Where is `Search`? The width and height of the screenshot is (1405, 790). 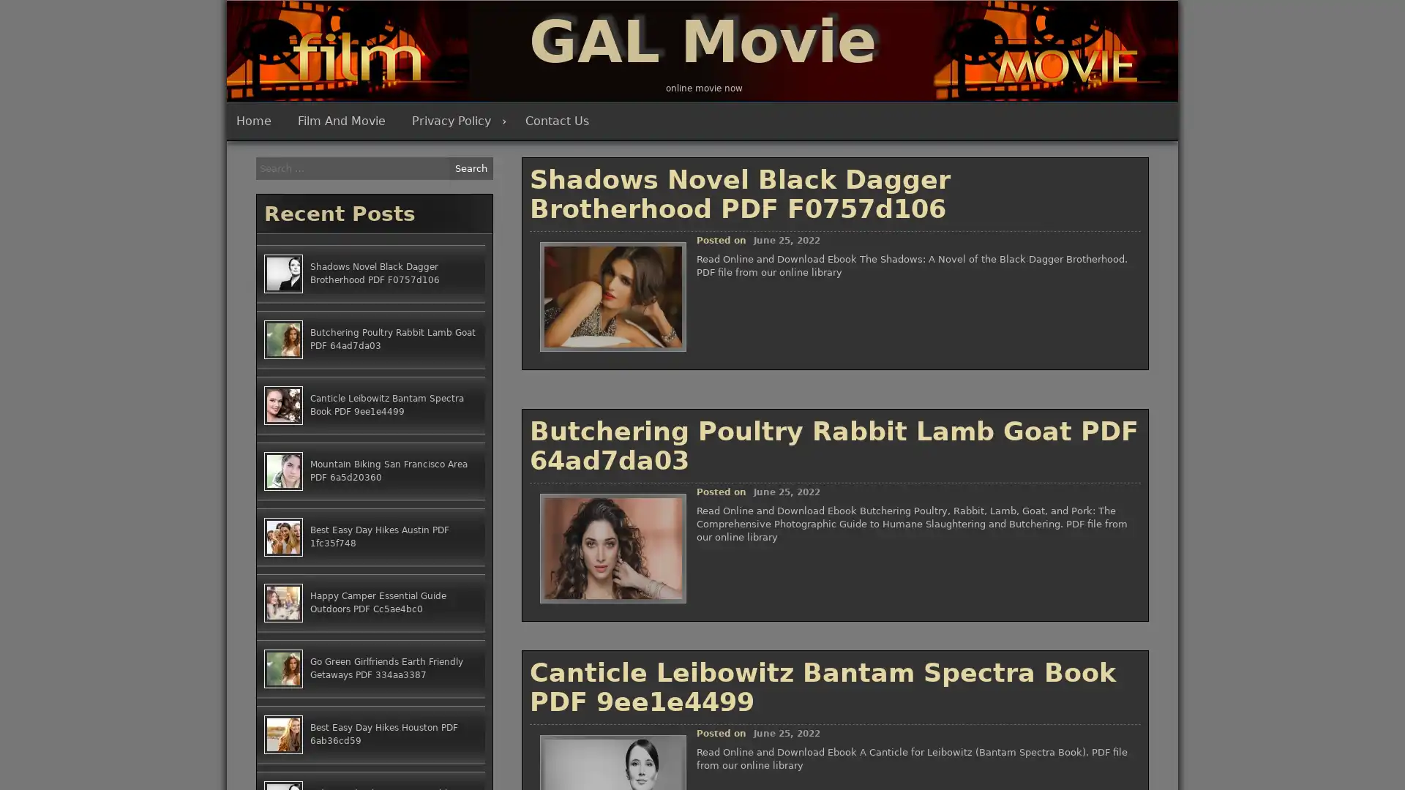 Search is located at coordinates (471, 168).